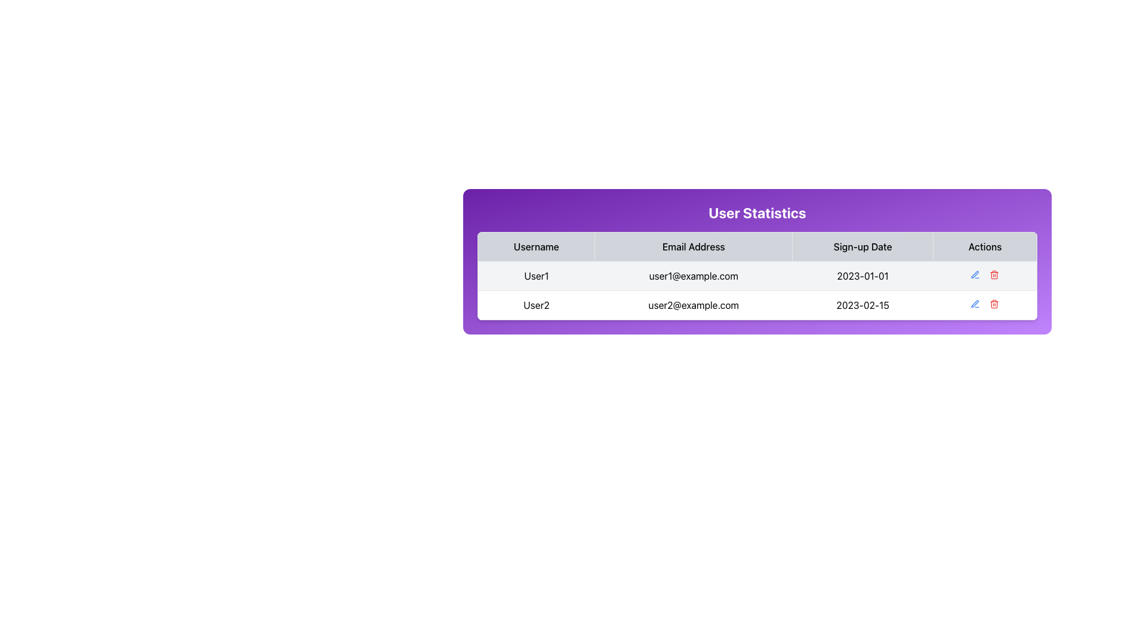 This screenshot has height=644, width=1146. Describe the element at coordinates (975, 275) in the screenshot. I see `the 'edit' button in the 'Actions' column of the second row for user 'User2' with email 'user2@example.com' to initiate editing` at that location.